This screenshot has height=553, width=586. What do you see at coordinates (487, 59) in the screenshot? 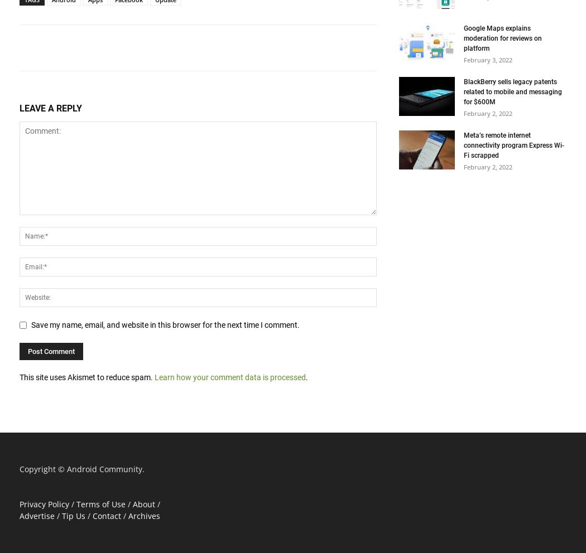
I see `'February 3, 2022'` at bounding box center [487, 59].